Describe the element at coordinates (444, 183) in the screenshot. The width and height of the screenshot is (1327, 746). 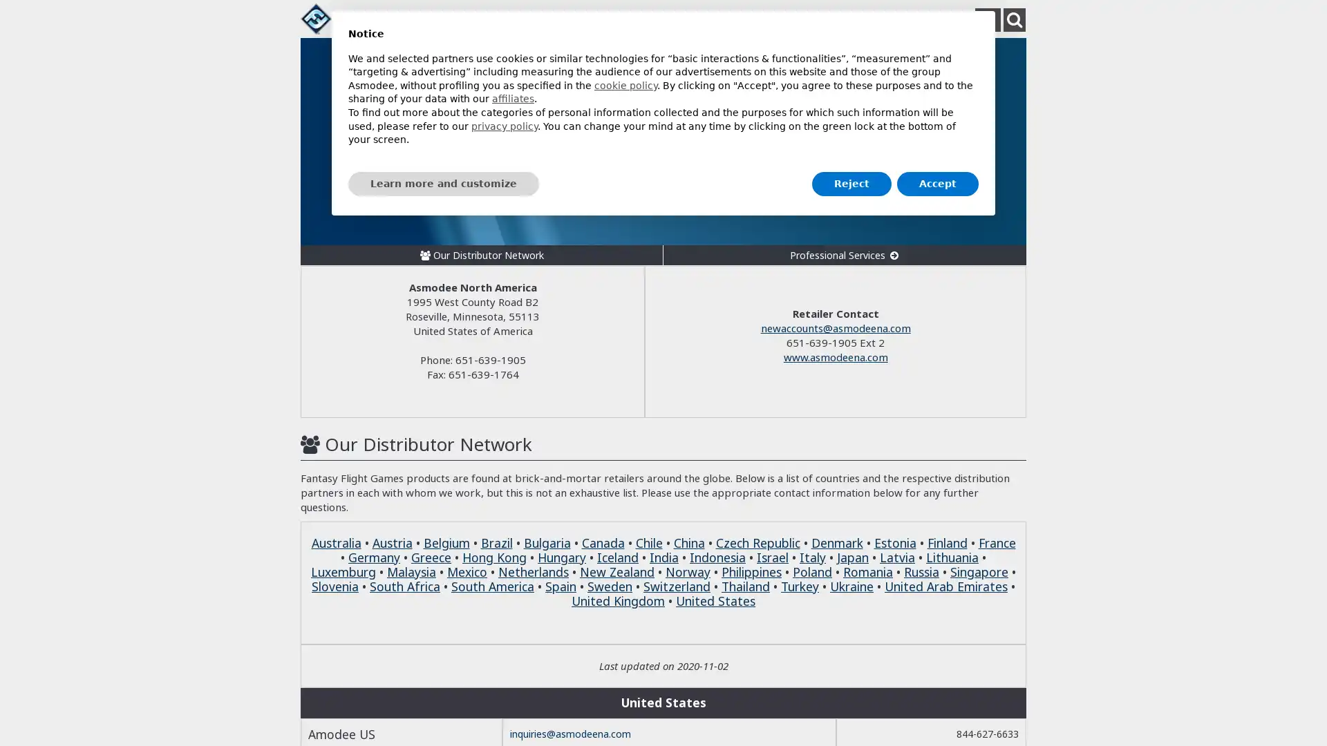
I see `Learn more and customize` at that location.